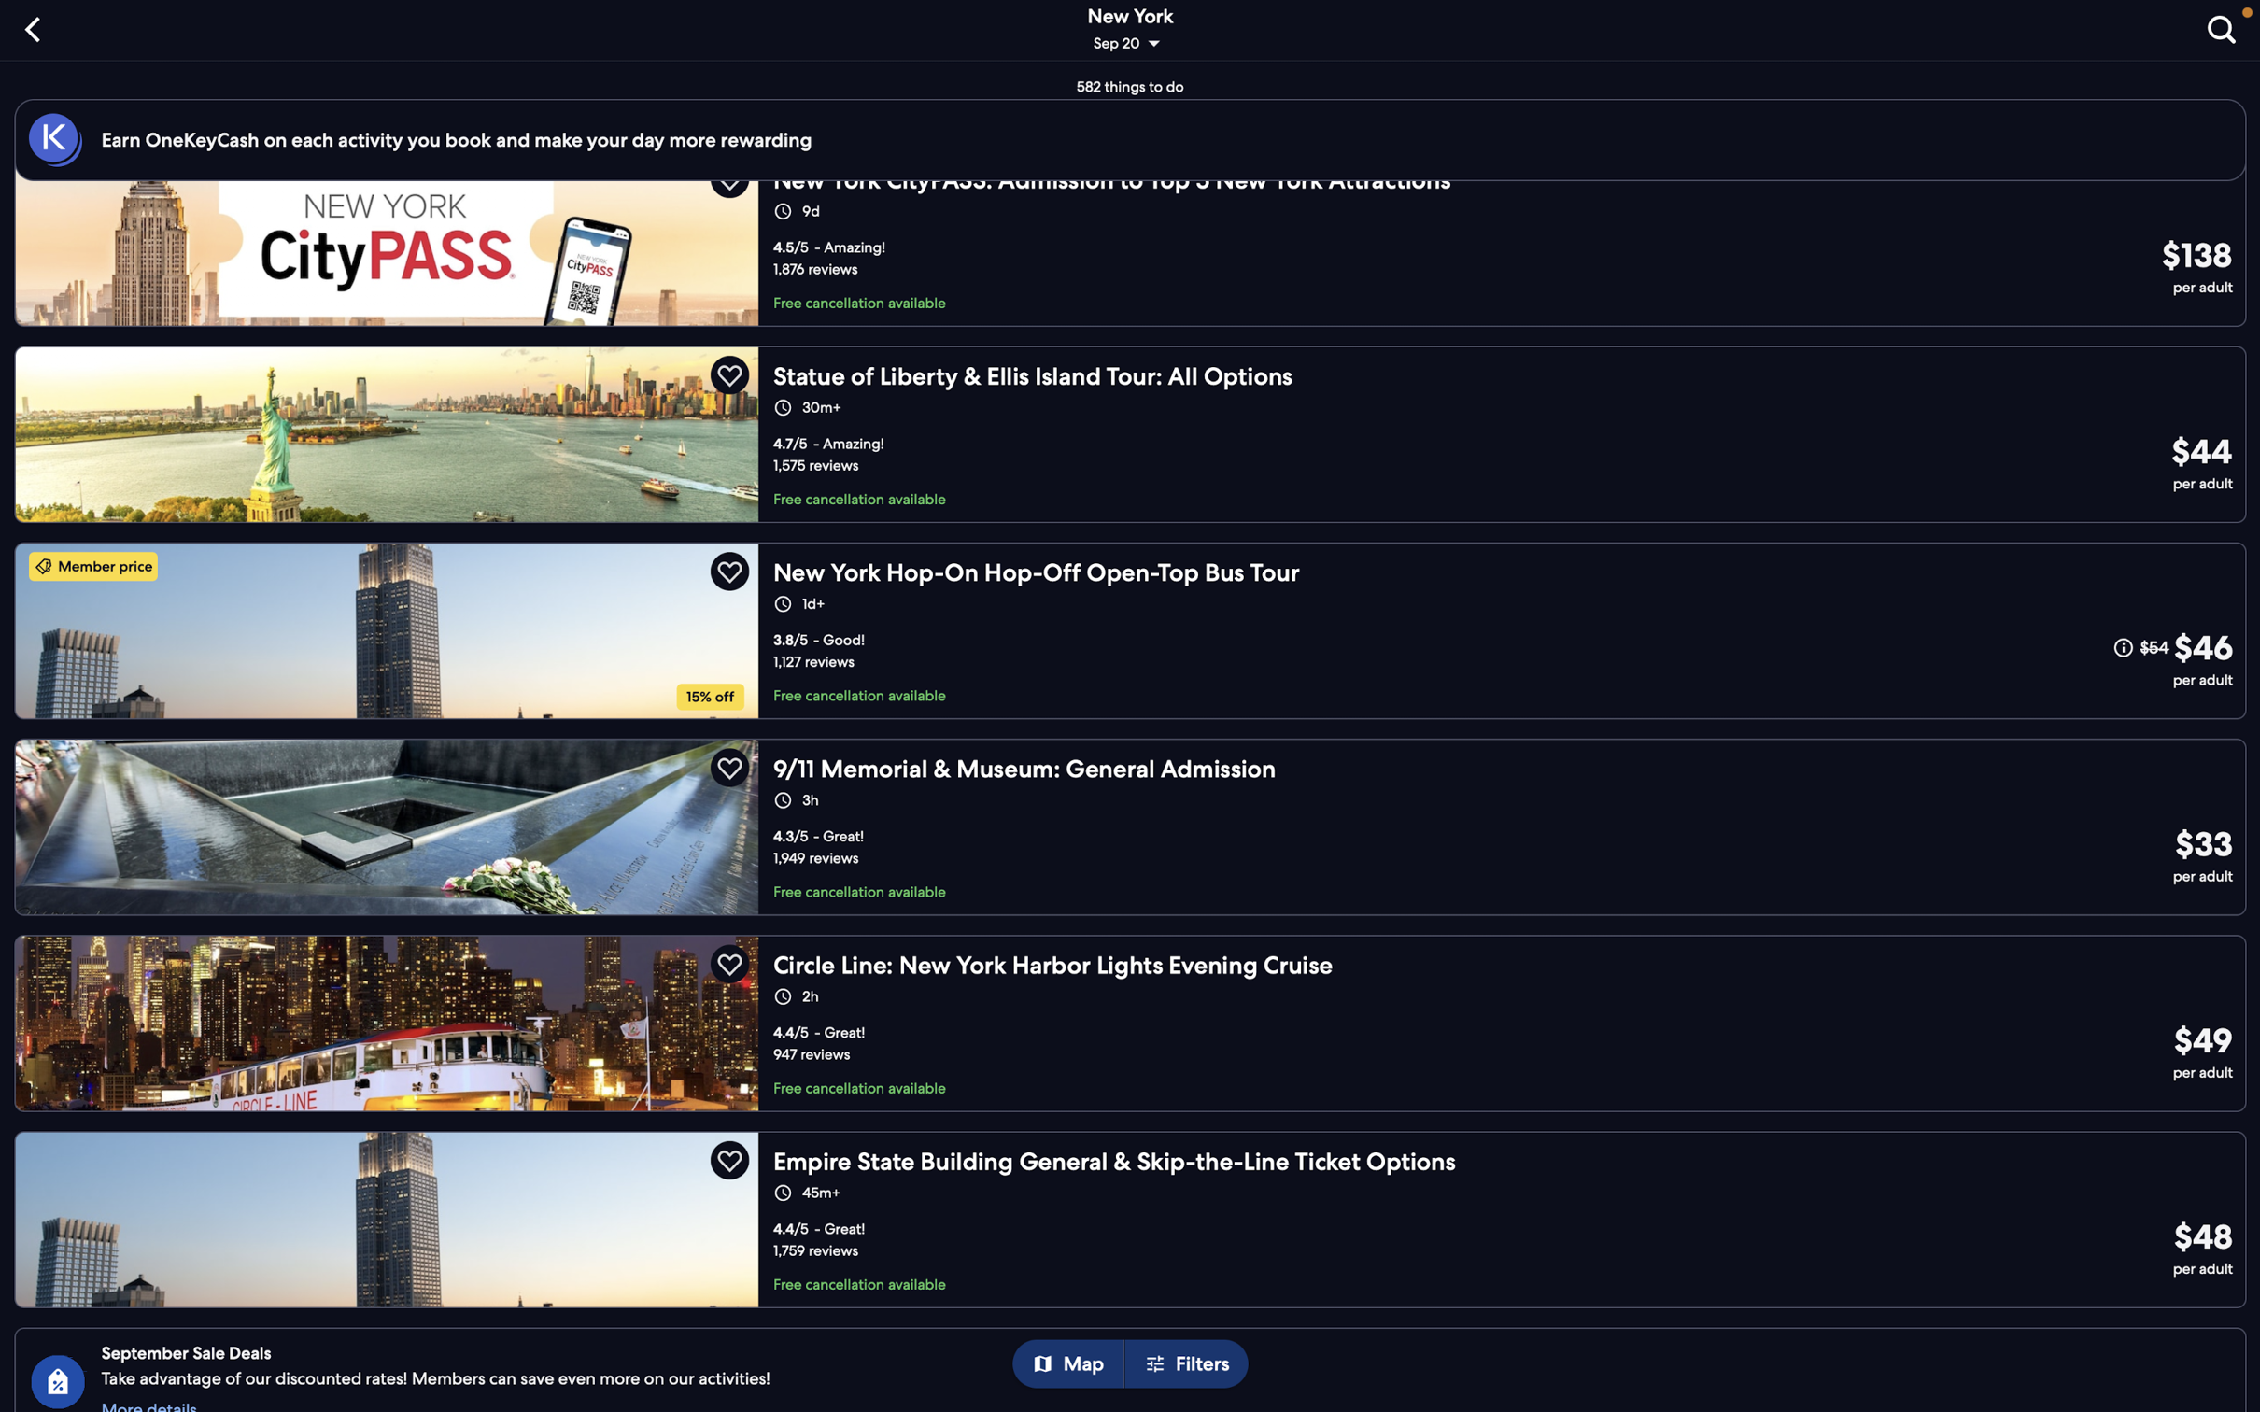 The image size is (2260, 1412). What do you see at coordinates (36, 27) in the screenshot?
I see `on "back" button` at bounding box center [36, 27].